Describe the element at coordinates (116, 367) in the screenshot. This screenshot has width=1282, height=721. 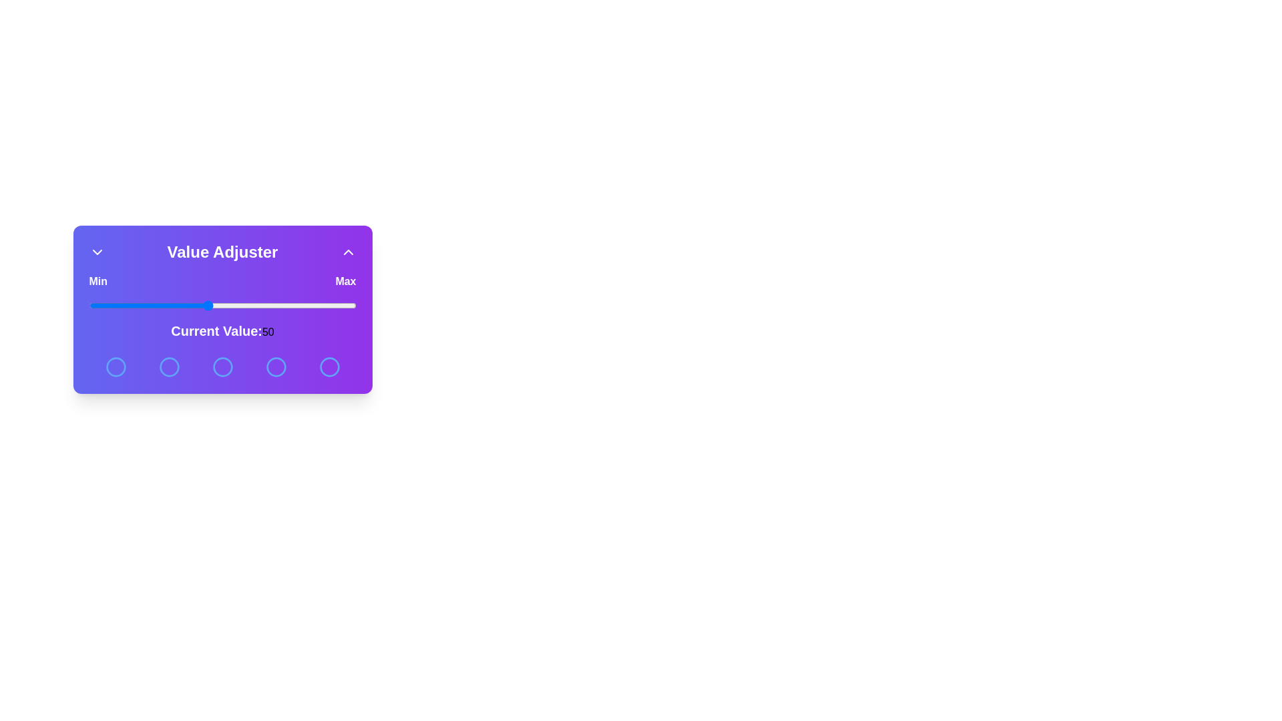
I see `the circular button corresponding to 1` at that location.